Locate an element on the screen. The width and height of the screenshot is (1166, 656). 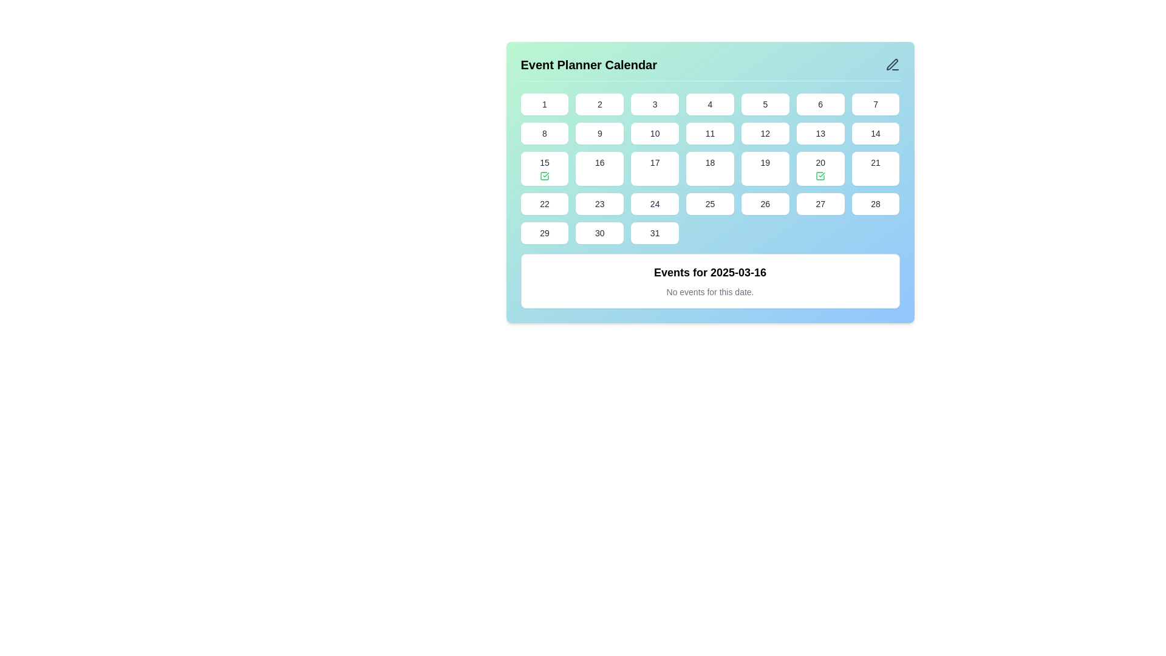
the button labeled '12' in the calendar interface is located at coordinates (765, 133).